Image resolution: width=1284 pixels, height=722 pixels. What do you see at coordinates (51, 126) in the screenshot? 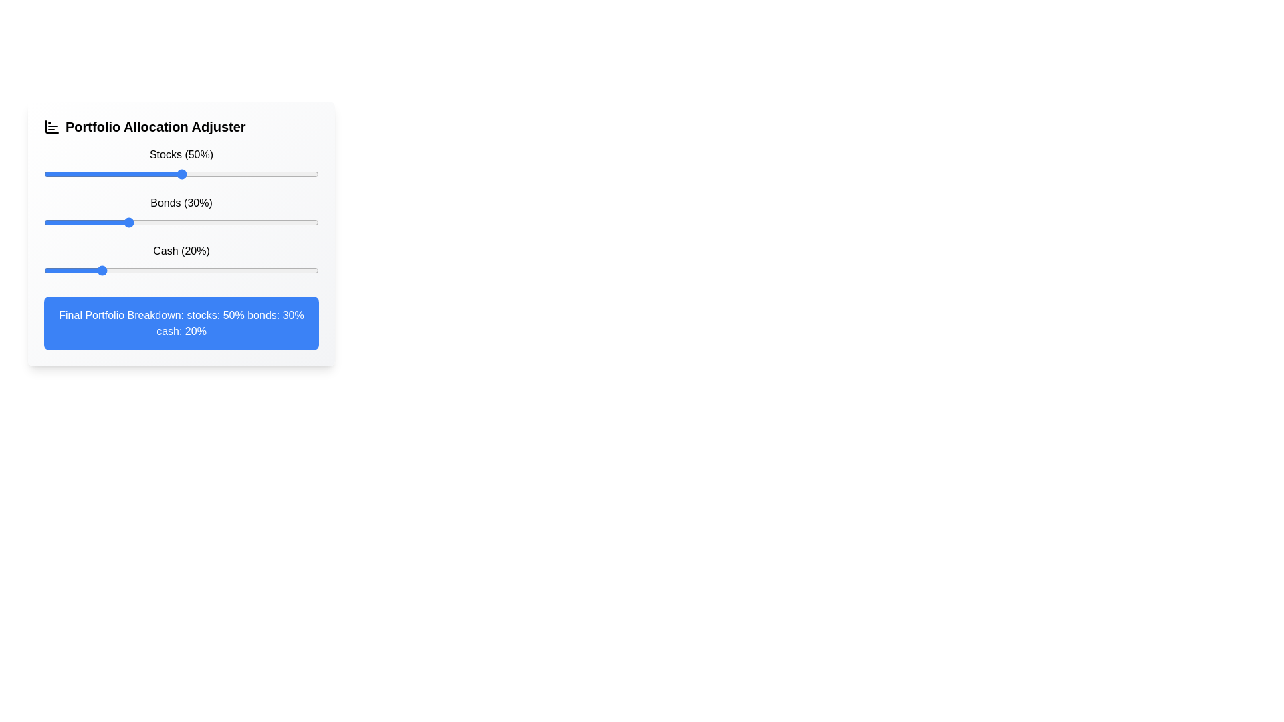
I see `the header icon to trigger additional information display` at bounding box center [51, 126].